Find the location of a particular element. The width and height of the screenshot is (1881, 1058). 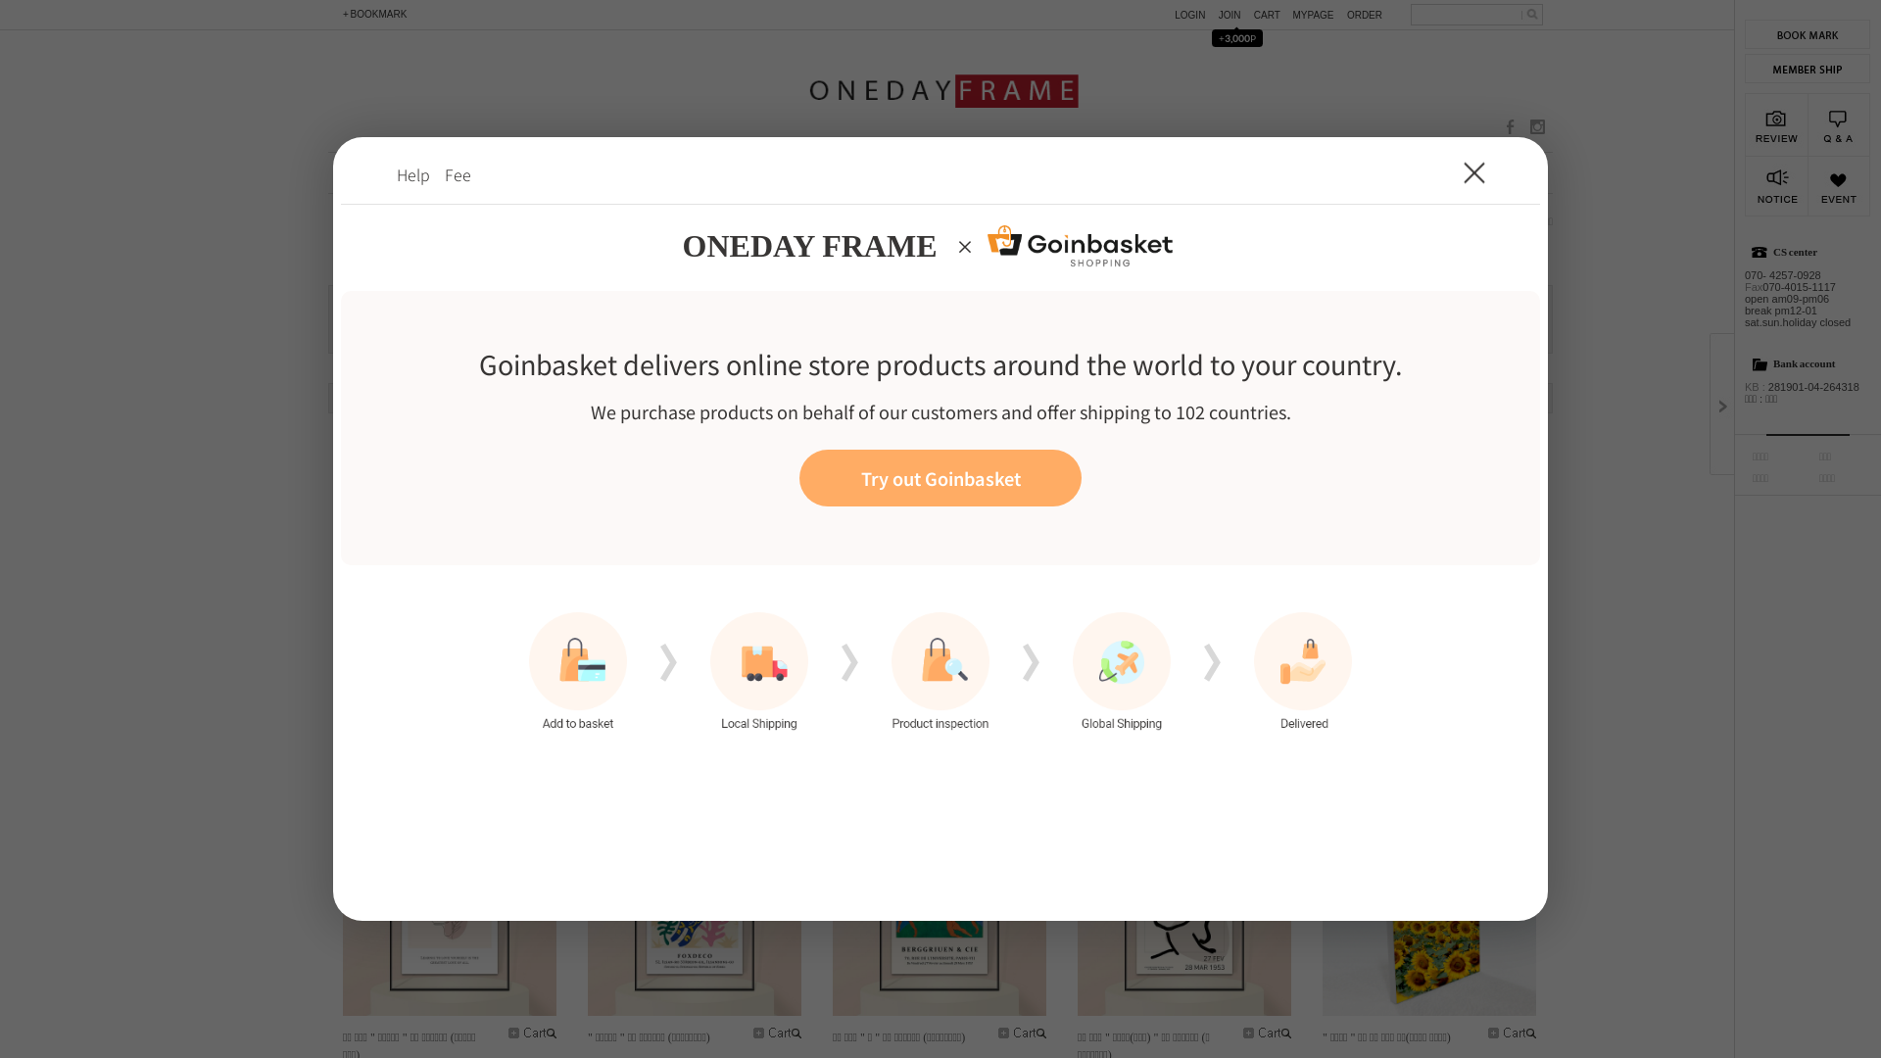

'MYPAGE' is located at coordinates (1317, 15).